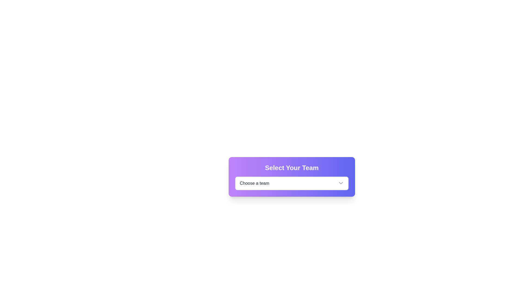  Describe the element at coordinates (291, 183) in the screenshot. I see `the dropdown menu located centrally at the bottom of the rectangular card with a gradient background, labeled 'Select Your Team'` at that location.